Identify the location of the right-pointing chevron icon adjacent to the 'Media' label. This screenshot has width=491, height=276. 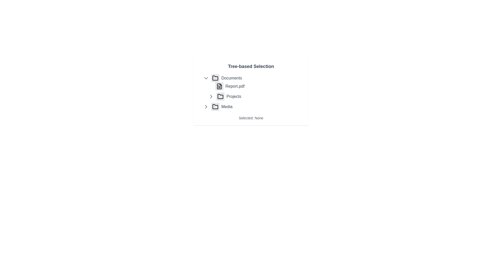
(206, 106).